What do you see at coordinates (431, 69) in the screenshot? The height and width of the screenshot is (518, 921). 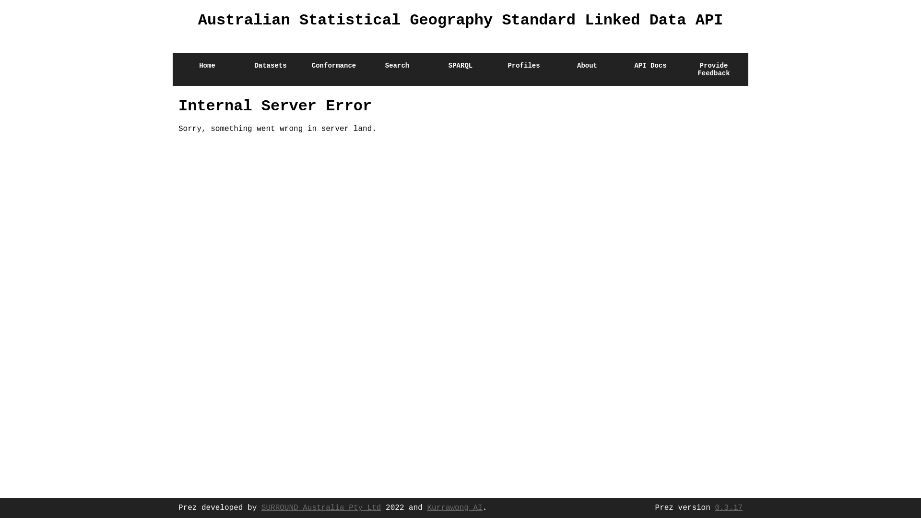 I see `'SPARQL'` at bounding box center [431, 69].